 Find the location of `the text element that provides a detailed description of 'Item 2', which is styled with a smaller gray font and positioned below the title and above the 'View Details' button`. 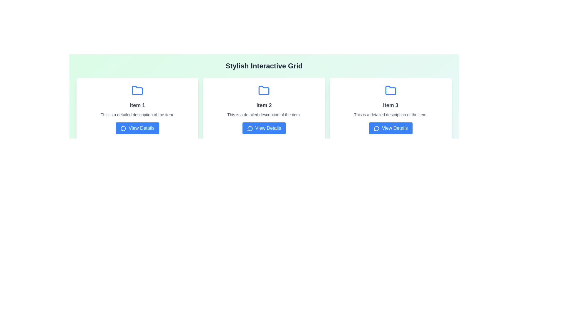

the text element that provides a detailed description of 'Item 2', which is styled with a smaller gray font and positioned below the title and above the 'View Details' button is located at coordinates (264, 114).